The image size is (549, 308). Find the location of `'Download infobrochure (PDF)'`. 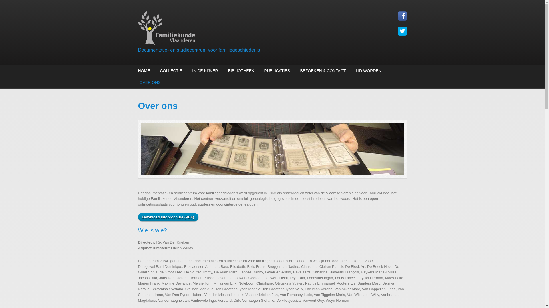

'Download infobrochure (PDF)' is located at coordinates (168, 217).